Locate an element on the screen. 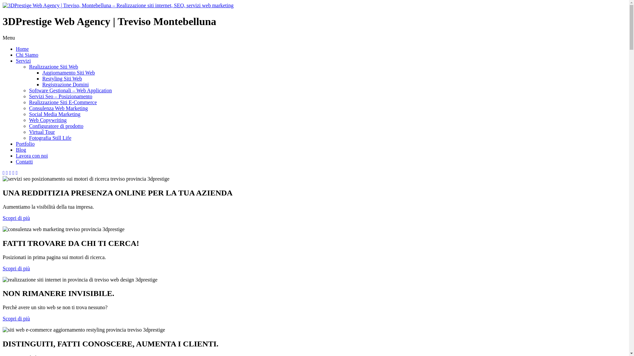  'Blog' is located at coordinates (21, 150).